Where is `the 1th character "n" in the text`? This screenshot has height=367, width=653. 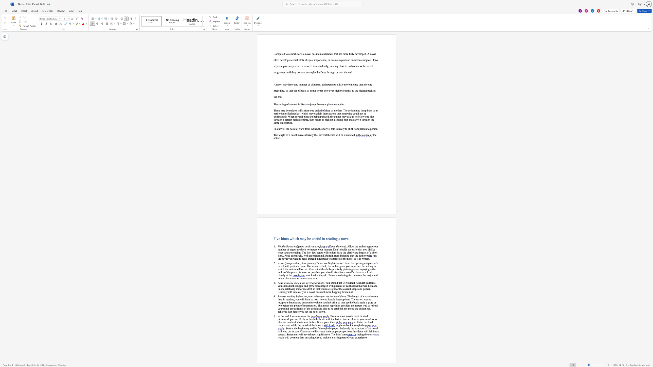
the 1th character "n" in the text is located at coordinates (285, 238).